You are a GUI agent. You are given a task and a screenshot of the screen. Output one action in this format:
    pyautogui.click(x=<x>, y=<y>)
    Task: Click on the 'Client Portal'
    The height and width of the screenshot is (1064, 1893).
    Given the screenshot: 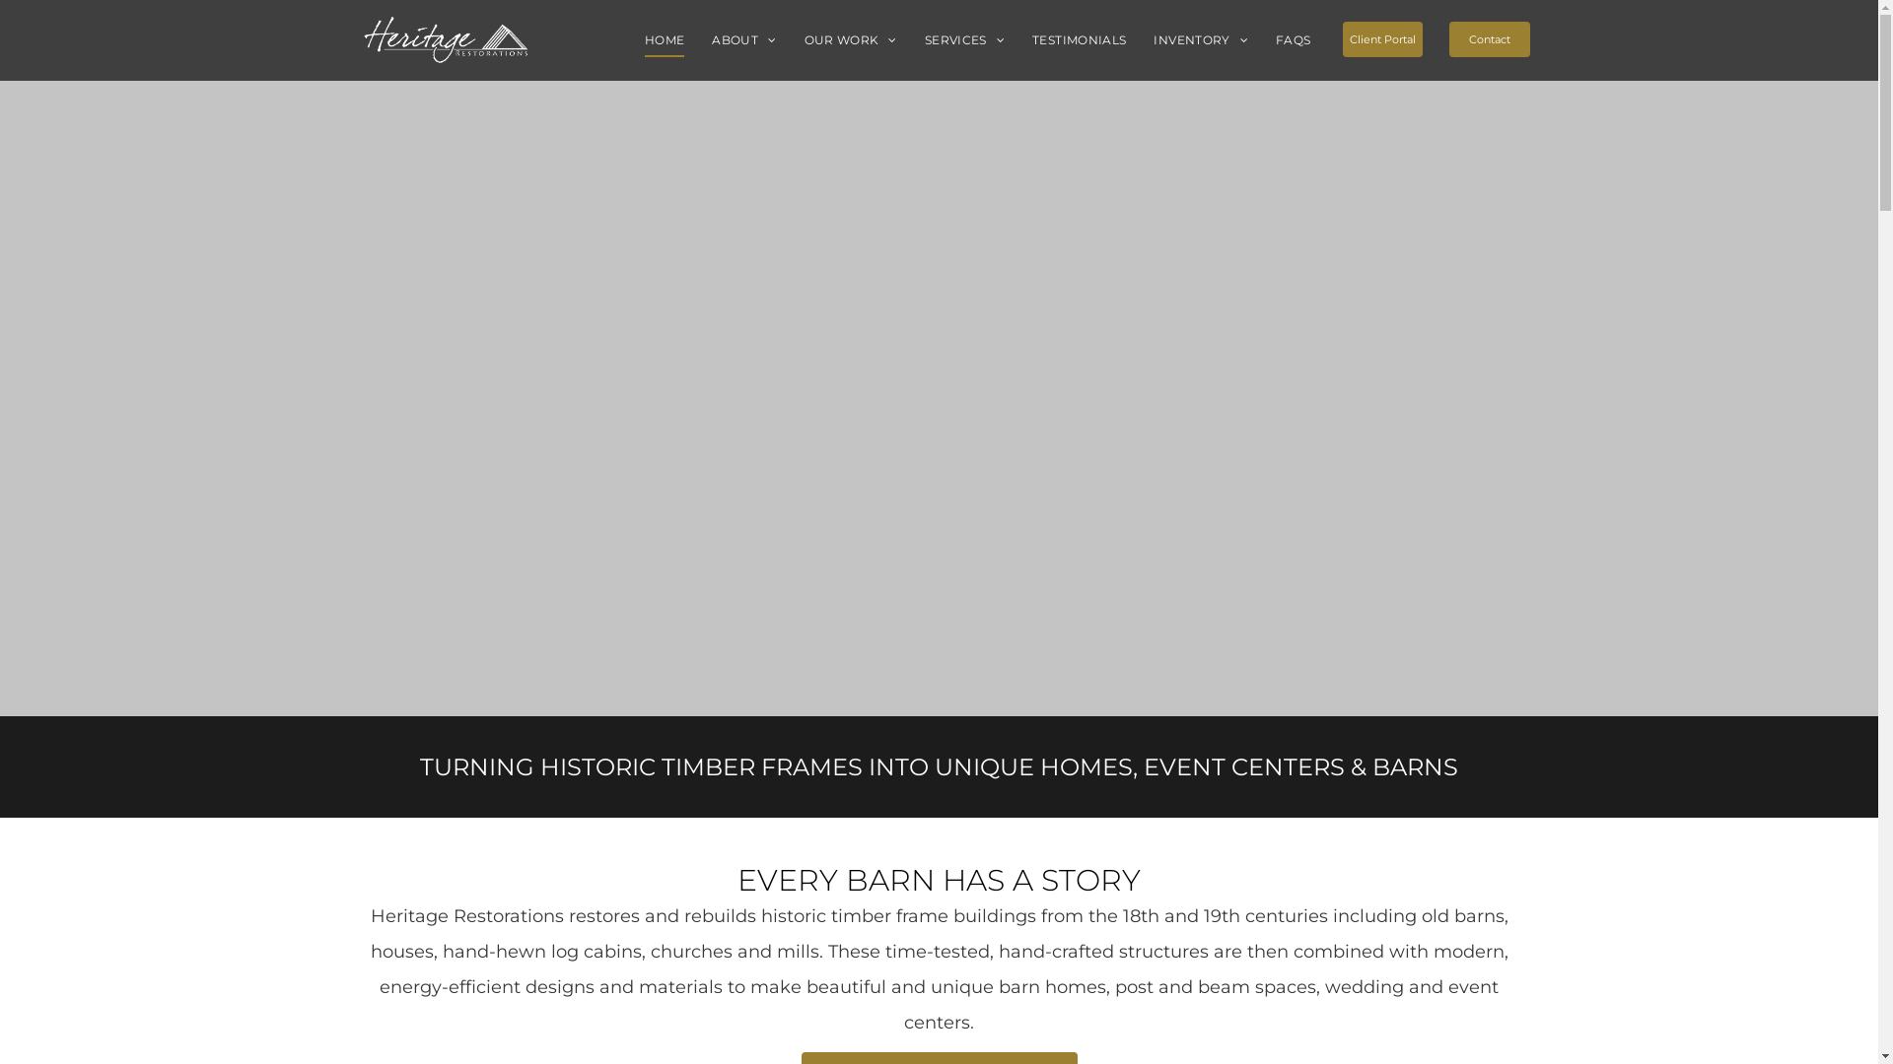 What is the action you would take?
    pyautogui.click(x=1342, y=38)
    